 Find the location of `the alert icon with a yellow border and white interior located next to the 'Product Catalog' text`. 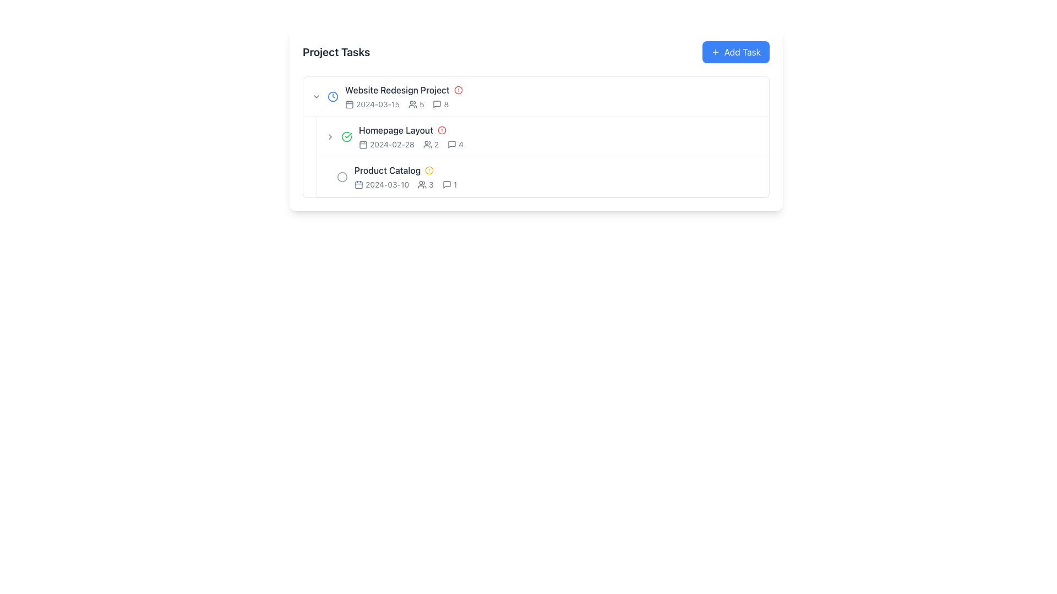

the alert icon with a yellow border and white interior located next to the 'Product Catalog' text is located at coordinates (429, 170).